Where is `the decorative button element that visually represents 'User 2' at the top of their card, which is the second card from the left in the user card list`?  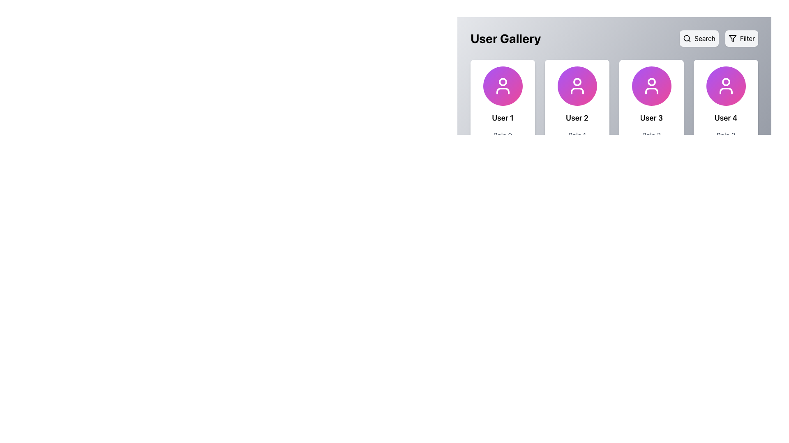 the decorative button element that visually represents 'User 2' at the top of their card, which is the second card from the left in the user card list is located at coordinates (577, 86).